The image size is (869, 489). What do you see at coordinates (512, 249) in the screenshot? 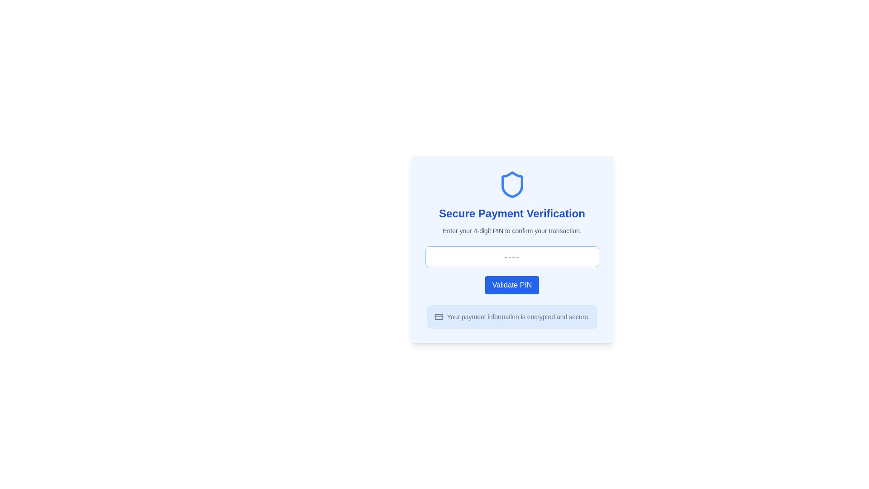
I see `the PIN input field located under the heading 'Secure Payment Verification' to focus on it` at bounding box center [512, 249].